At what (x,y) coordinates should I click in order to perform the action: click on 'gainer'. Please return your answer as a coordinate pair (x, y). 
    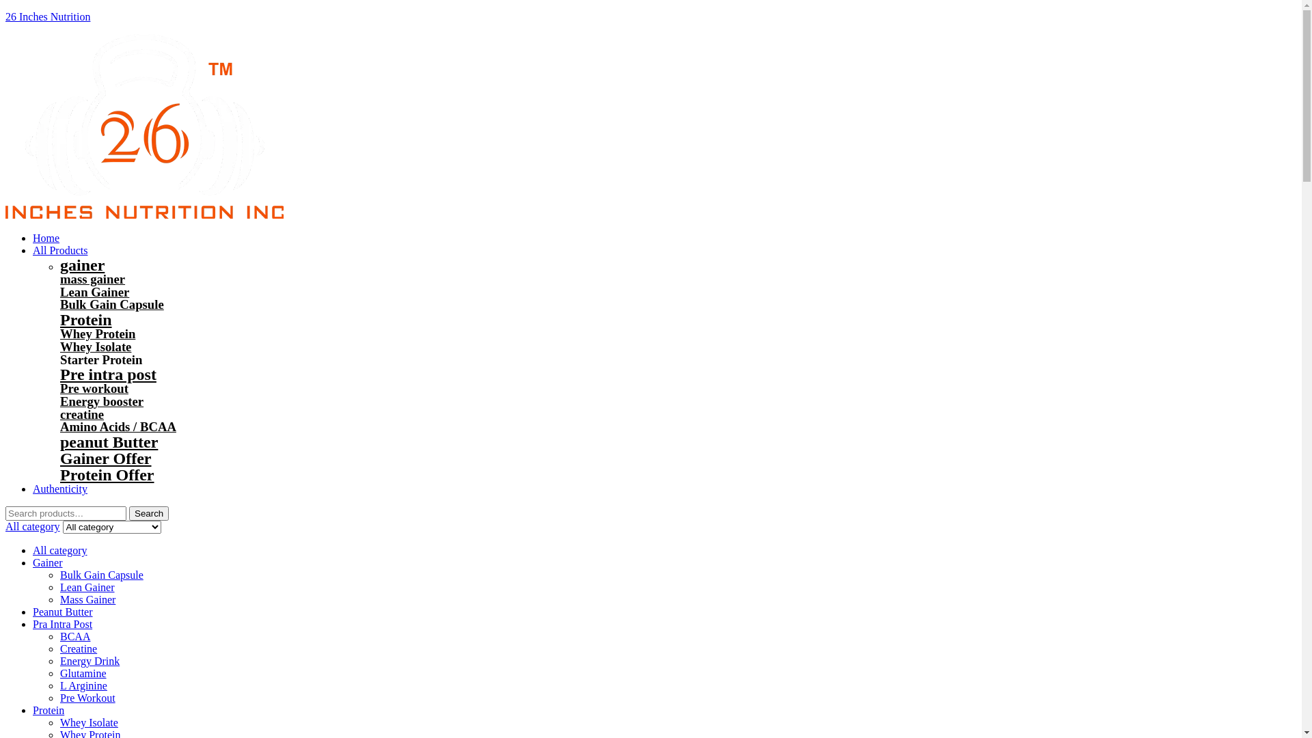
    Looking at the image, I should click on (59, 265).